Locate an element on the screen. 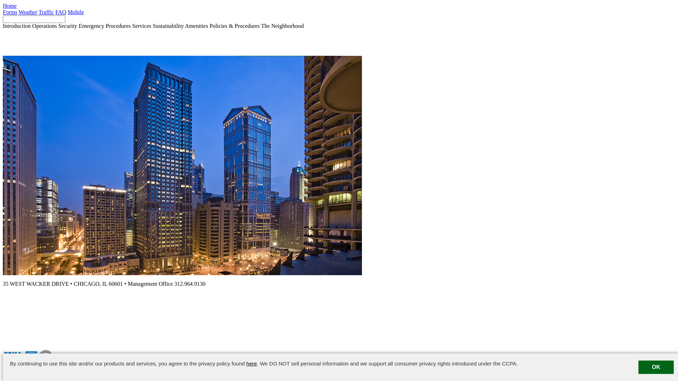 The image size is (678, 381). 'Mobile' is located at coordinates (68, 12).